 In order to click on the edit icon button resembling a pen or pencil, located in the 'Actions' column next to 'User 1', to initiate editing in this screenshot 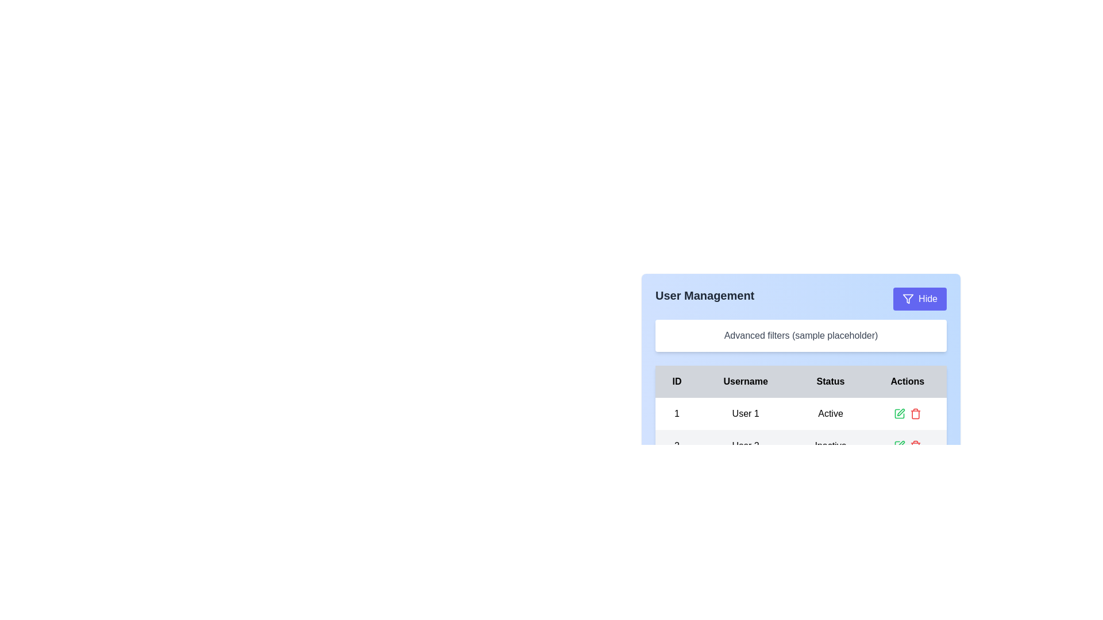, I will do `click(900, 412)`.